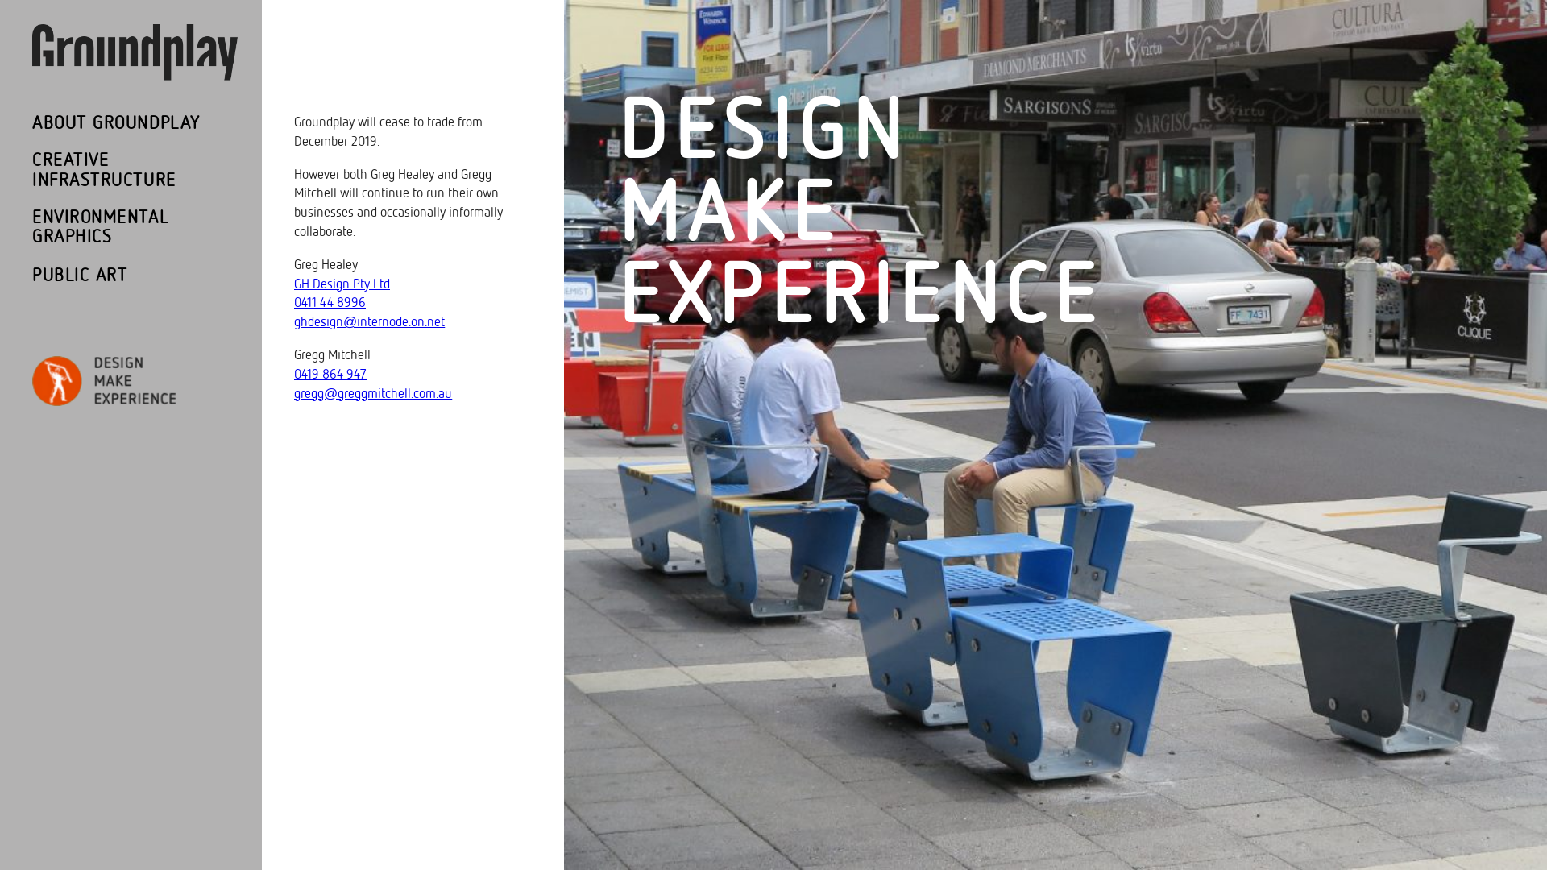  What do you see at coordinates (31, 170) in the screenshot?
I see `'CREATIVE INFRASTRUCTURE'` at bounding box center [31, 170].